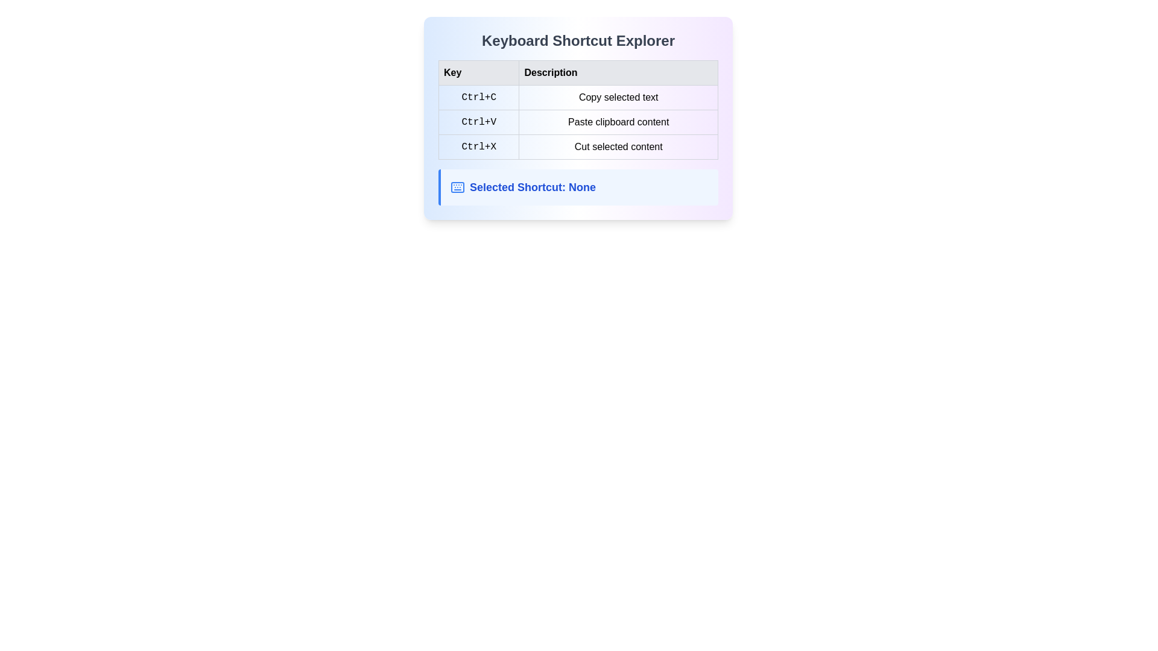  What do you see at coordinates (457, 187) in the screenshot?
I see `the keyboard-related functionality icon located within the panel below the shortcut keys table, preceding the text 'Selected Shortcut: None'` at bounding box center [457, 187].